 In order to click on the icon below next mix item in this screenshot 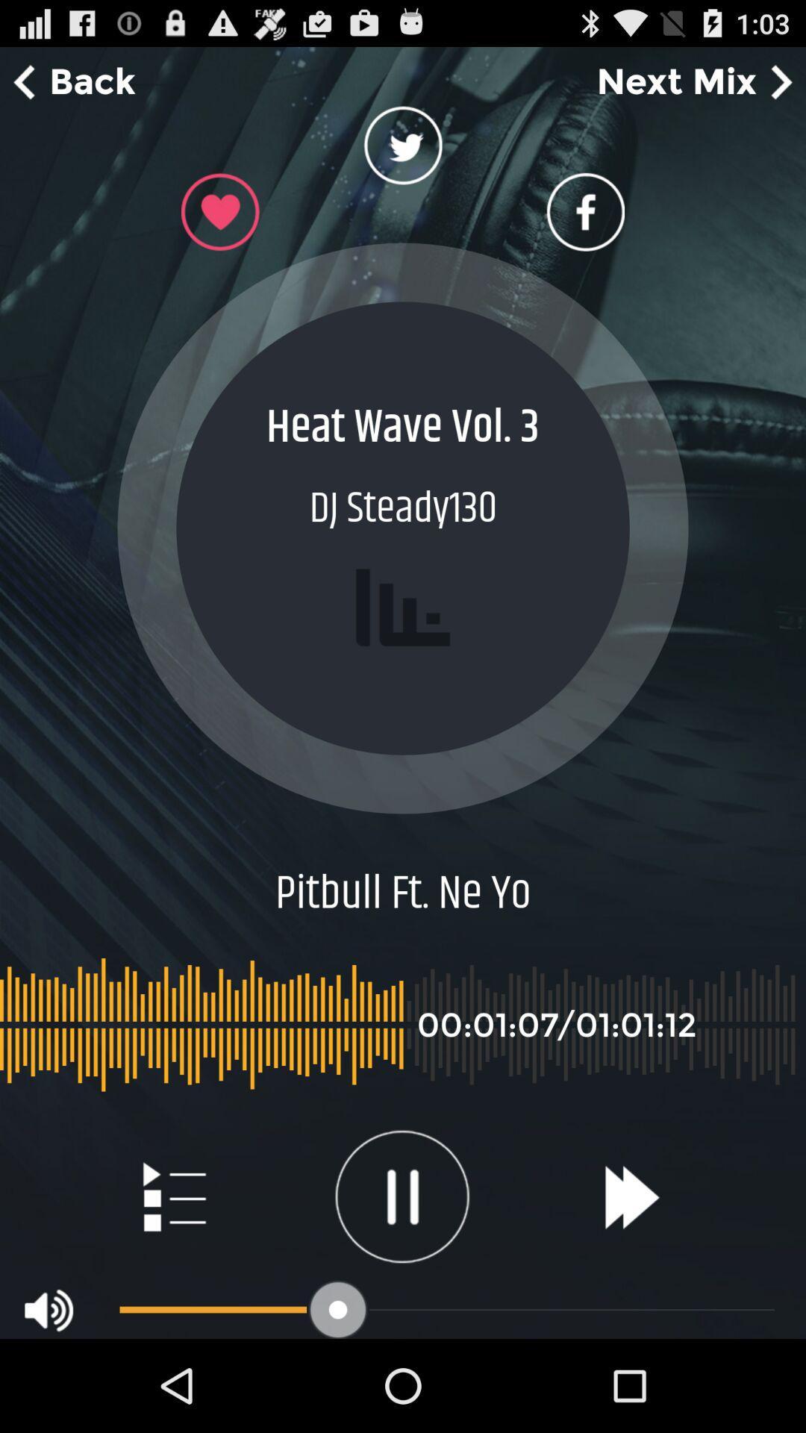, I will do `click(584, 211)`.